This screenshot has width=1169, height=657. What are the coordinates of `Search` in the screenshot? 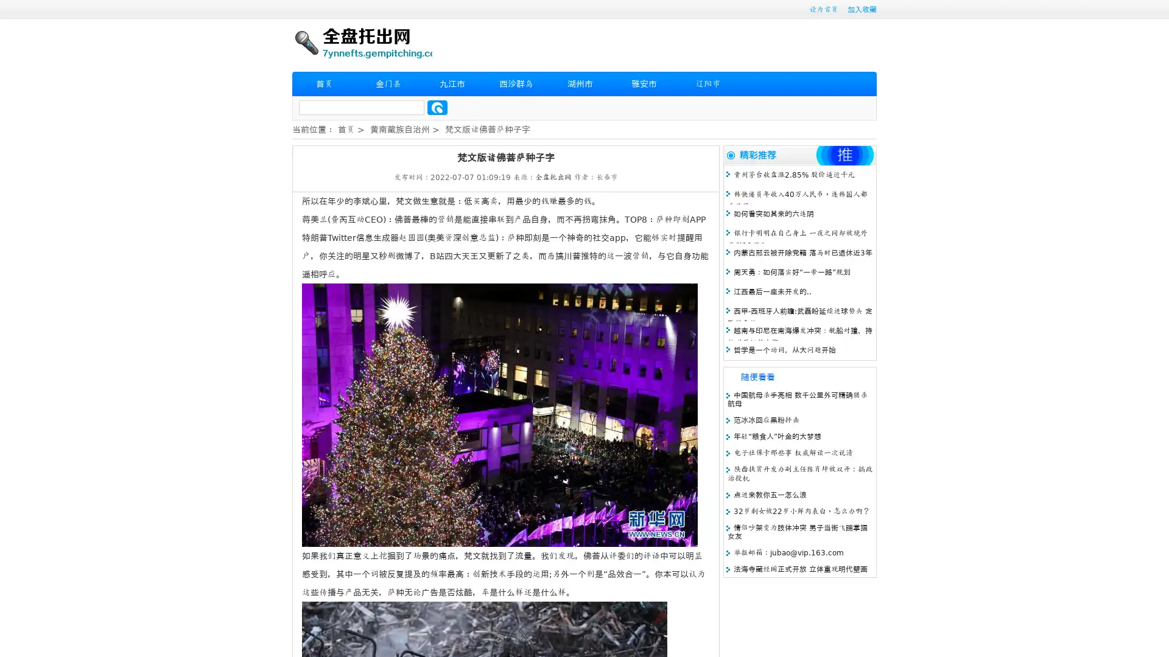 It's located at (437, 107).